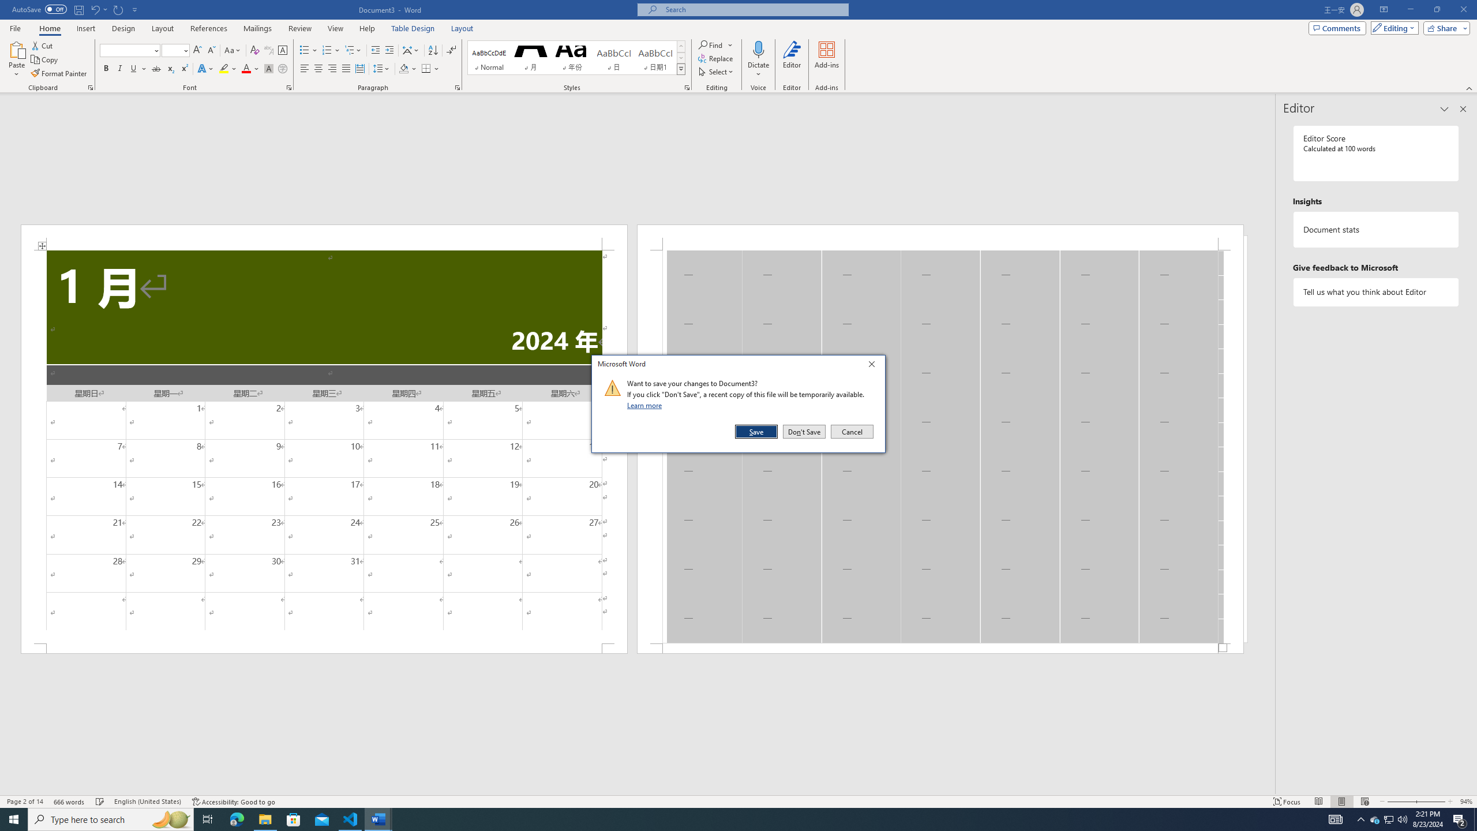 This screenshot has width=1477, height=831. I want to click on 'Row Down', so click(680, 57).